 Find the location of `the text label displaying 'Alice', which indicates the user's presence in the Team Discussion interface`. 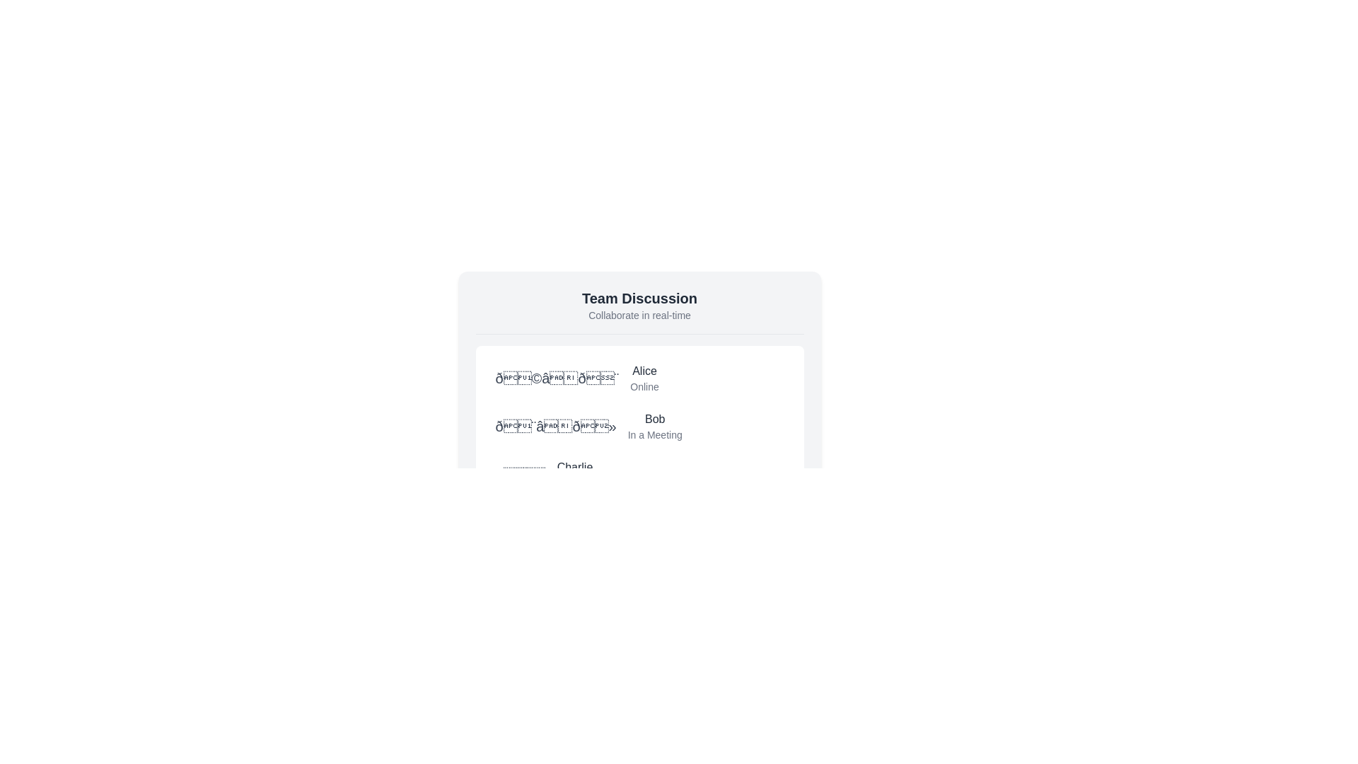

the text label displaying 'Alice', which indicates the user's presence in the Team Discussion interface is located at coordinates (644, 370).